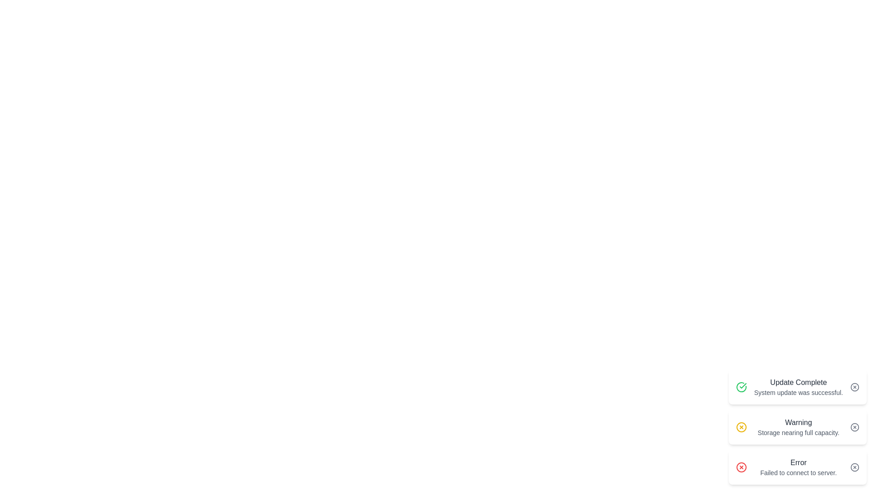 The width and height of the screenshot is (874, 492). I want to click on the warning icon located within the notification component on the right side of the page, so click(854, 427).